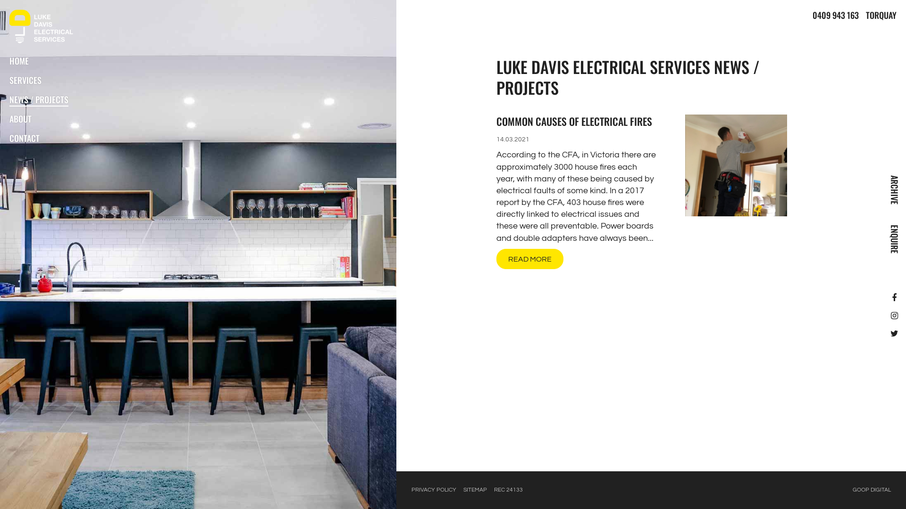 The height and width of the screenshot is (509, 906). Describe the element at coordinates (433, 490) in the screenshot. I see `'PRIVACY POLICY'` at that location.